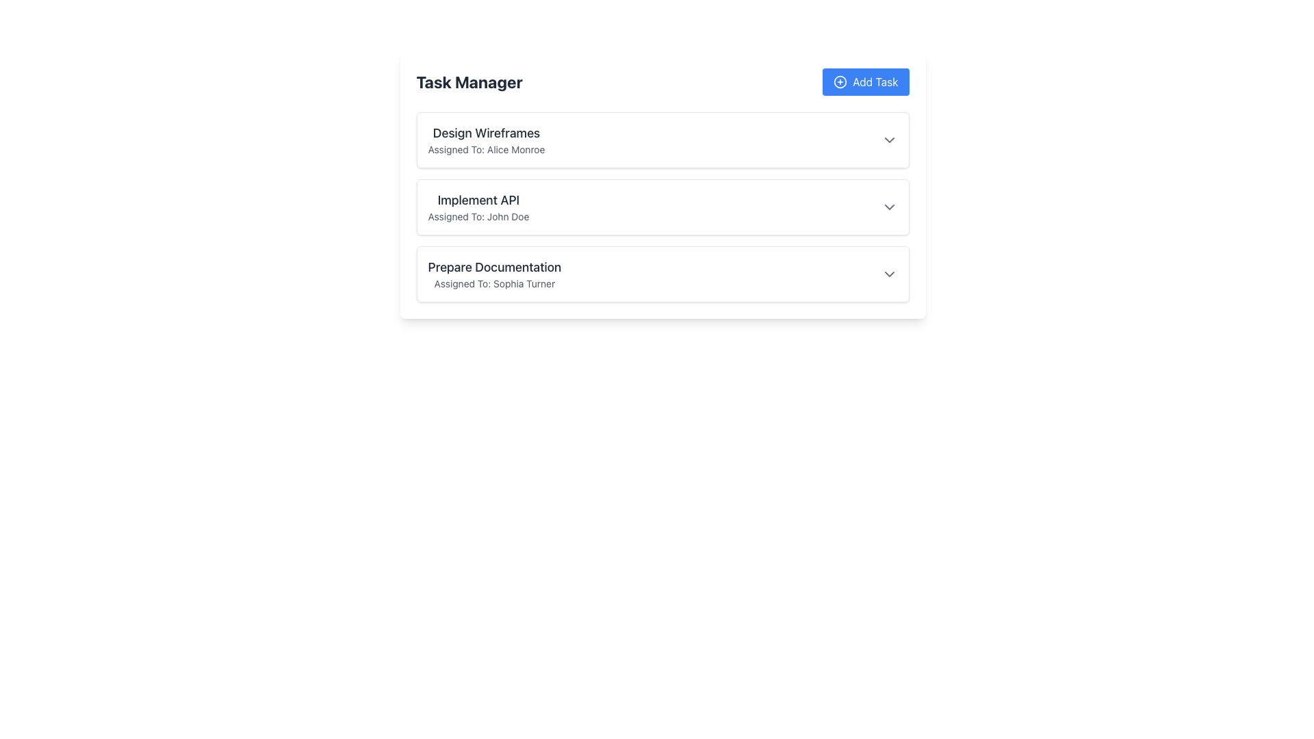  Describe the element at coordinates (865, 81) in the screenshot. I see `the 'Add New Task' button located in the right segment of the horizontal bar at the top of the interface, adjacent to the 'Task Manager' title` at that location.